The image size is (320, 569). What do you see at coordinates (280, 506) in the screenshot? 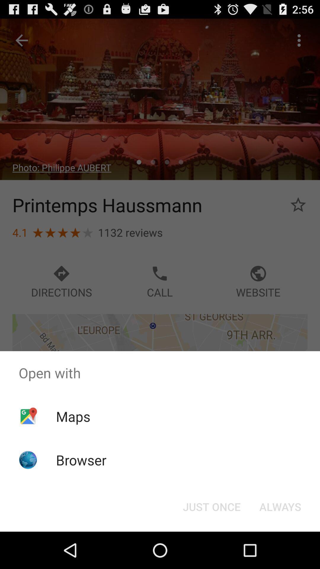
I see `the item to the right of the just once button` at bounding box center [280, 506].